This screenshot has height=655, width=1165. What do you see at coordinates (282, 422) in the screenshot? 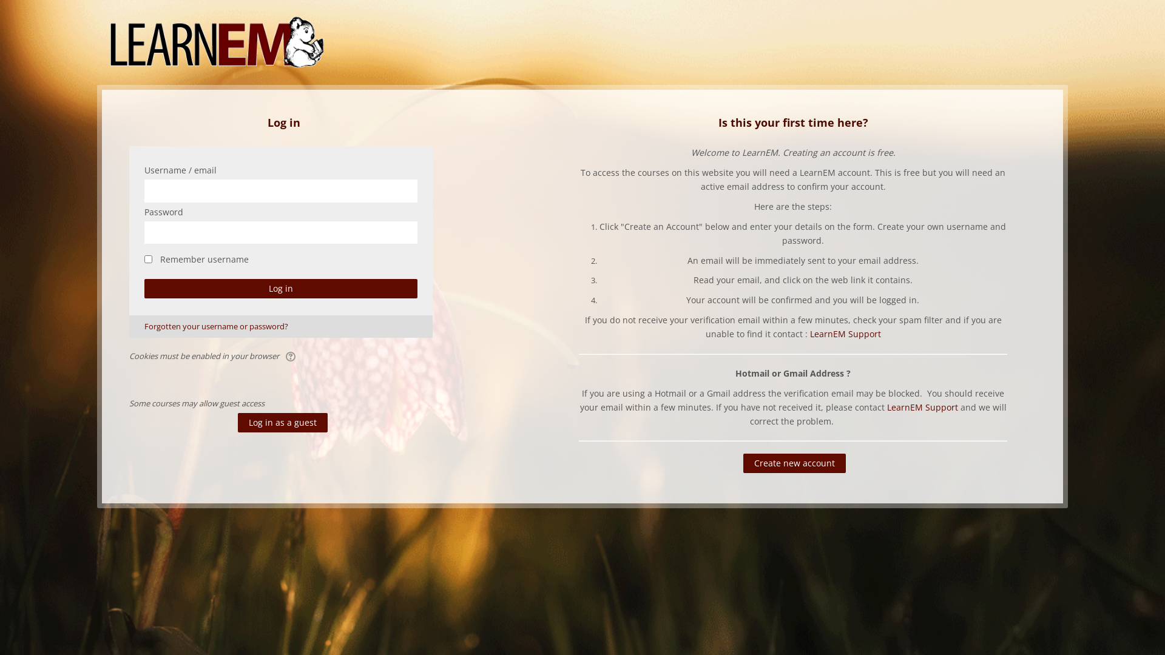
I see `'Log in as a guest'` at bounding box center [282, 422].